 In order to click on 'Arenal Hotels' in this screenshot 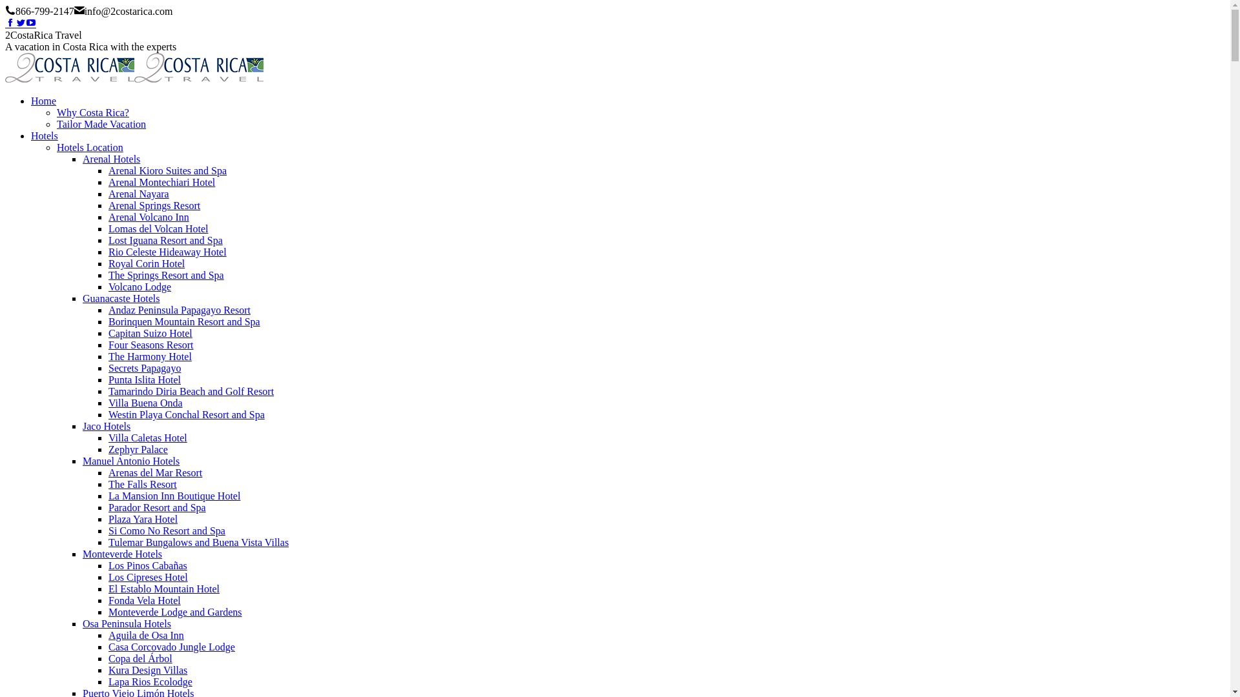, I will do `click(111, 158)`.